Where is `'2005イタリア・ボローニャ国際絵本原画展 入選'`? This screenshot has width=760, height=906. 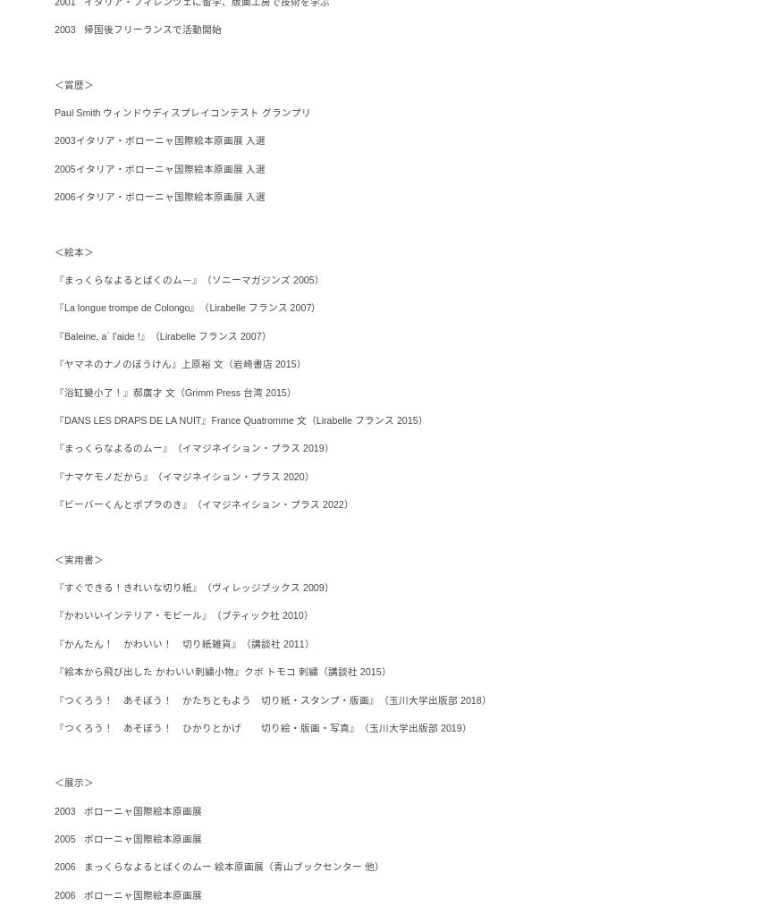
'2005イタリア・ボローニャ国際絵本原画展 入選' is located at coordinates (158, 168).